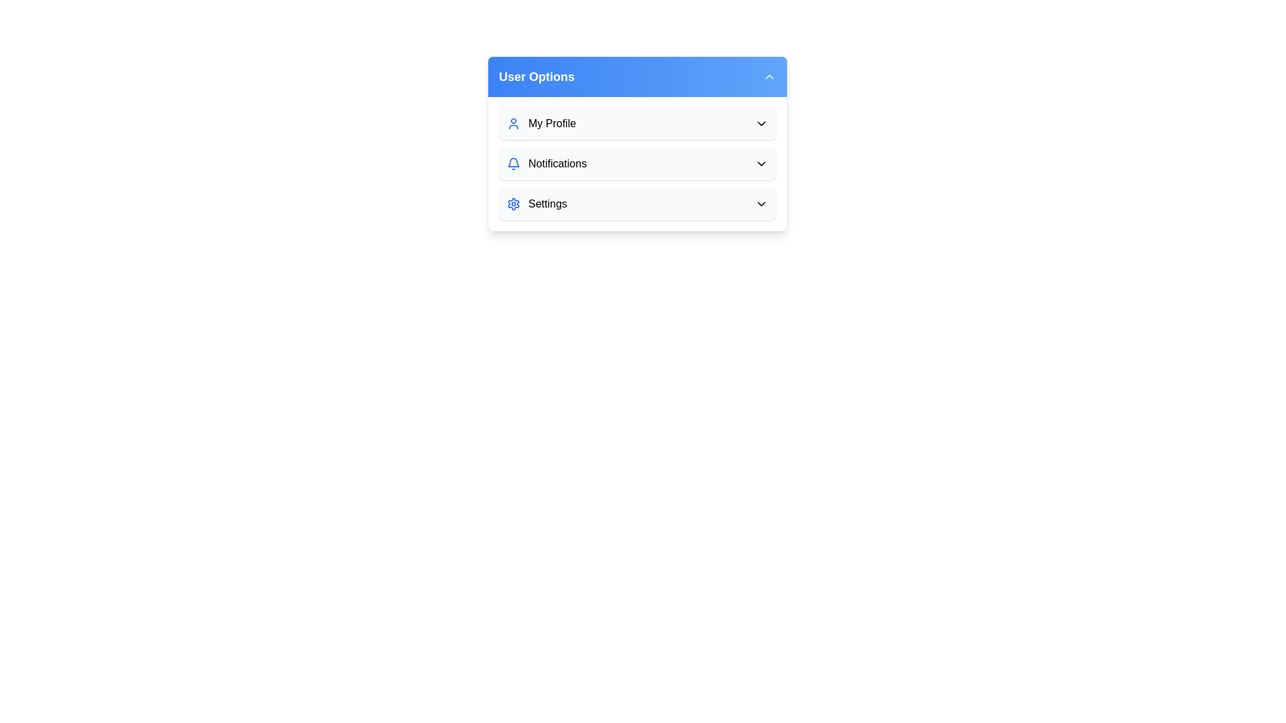  Describe the element at coordinates (541, 124) in the screenshot. I see `the 'My Profile' label with the accompanying blue silhouette icon` at that location.